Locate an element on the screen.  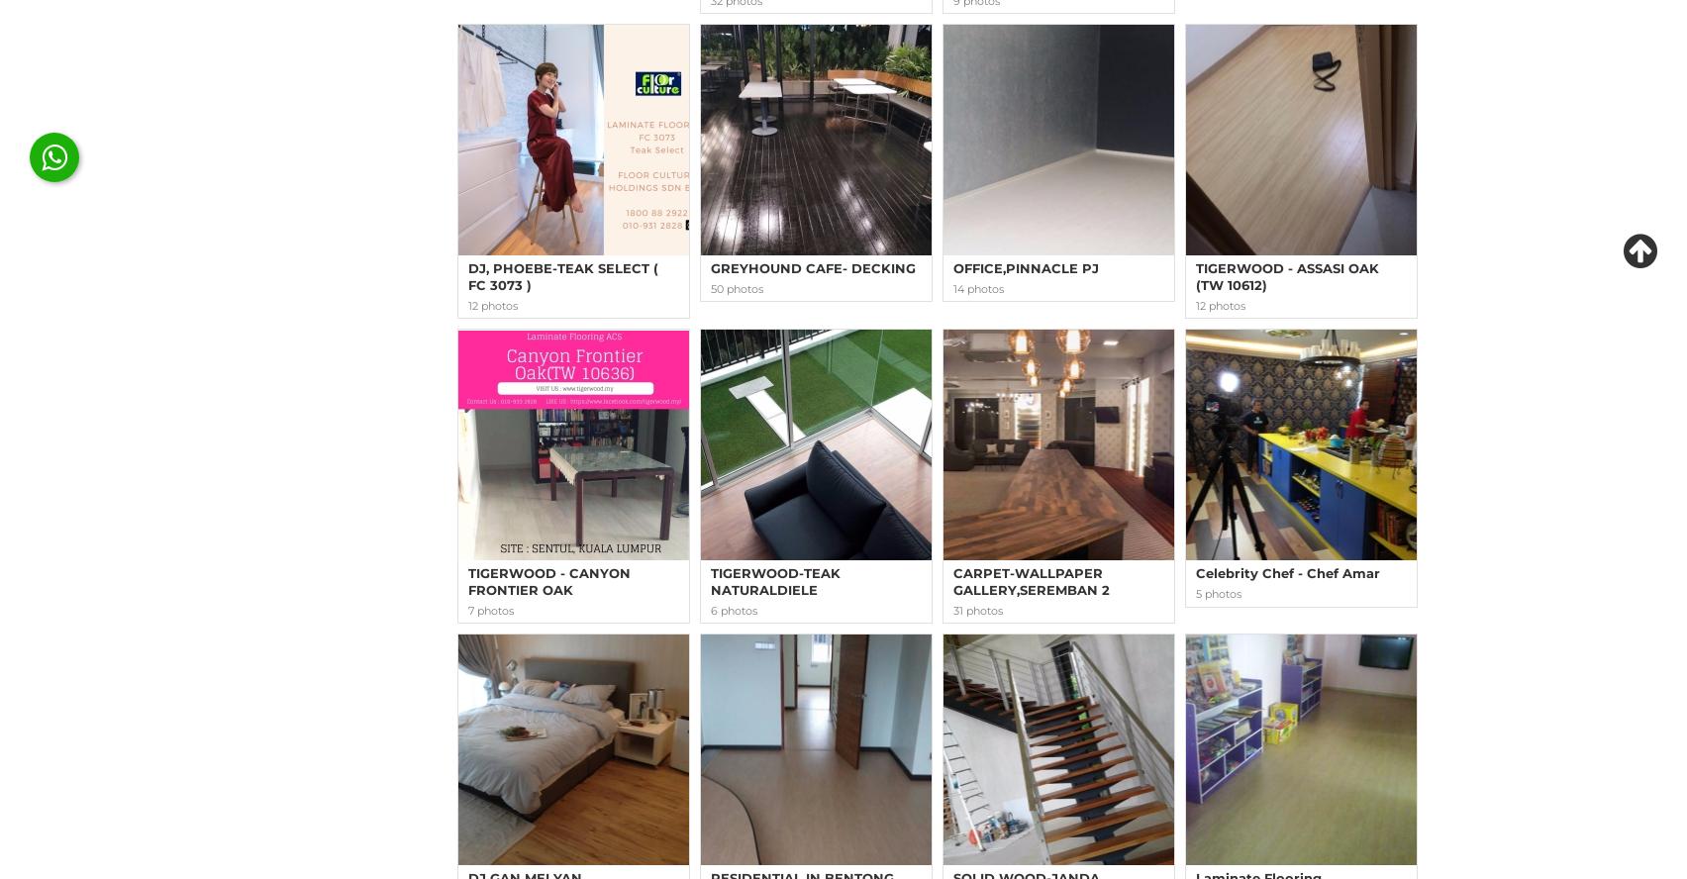
'6 photos' is located at coordinates (733, 609).